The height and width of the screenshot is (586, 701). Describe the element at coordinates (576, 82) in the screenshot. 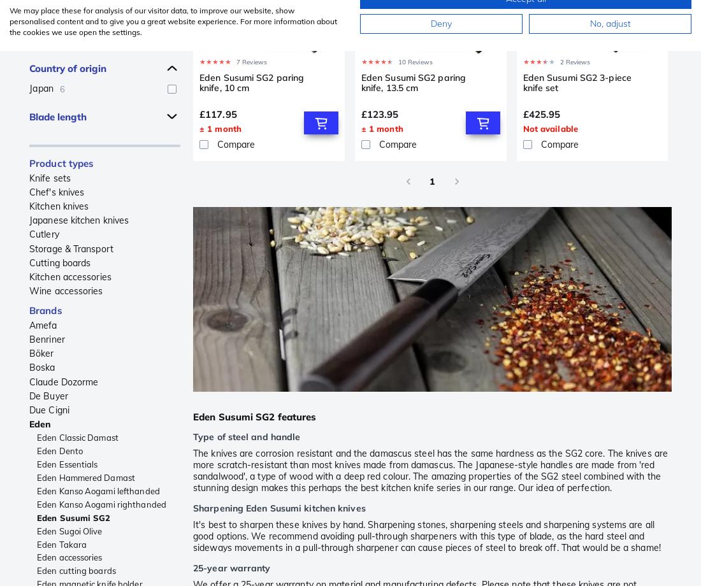

I see `'Eden Susumi SG2 3-piece knife set'` at that location.